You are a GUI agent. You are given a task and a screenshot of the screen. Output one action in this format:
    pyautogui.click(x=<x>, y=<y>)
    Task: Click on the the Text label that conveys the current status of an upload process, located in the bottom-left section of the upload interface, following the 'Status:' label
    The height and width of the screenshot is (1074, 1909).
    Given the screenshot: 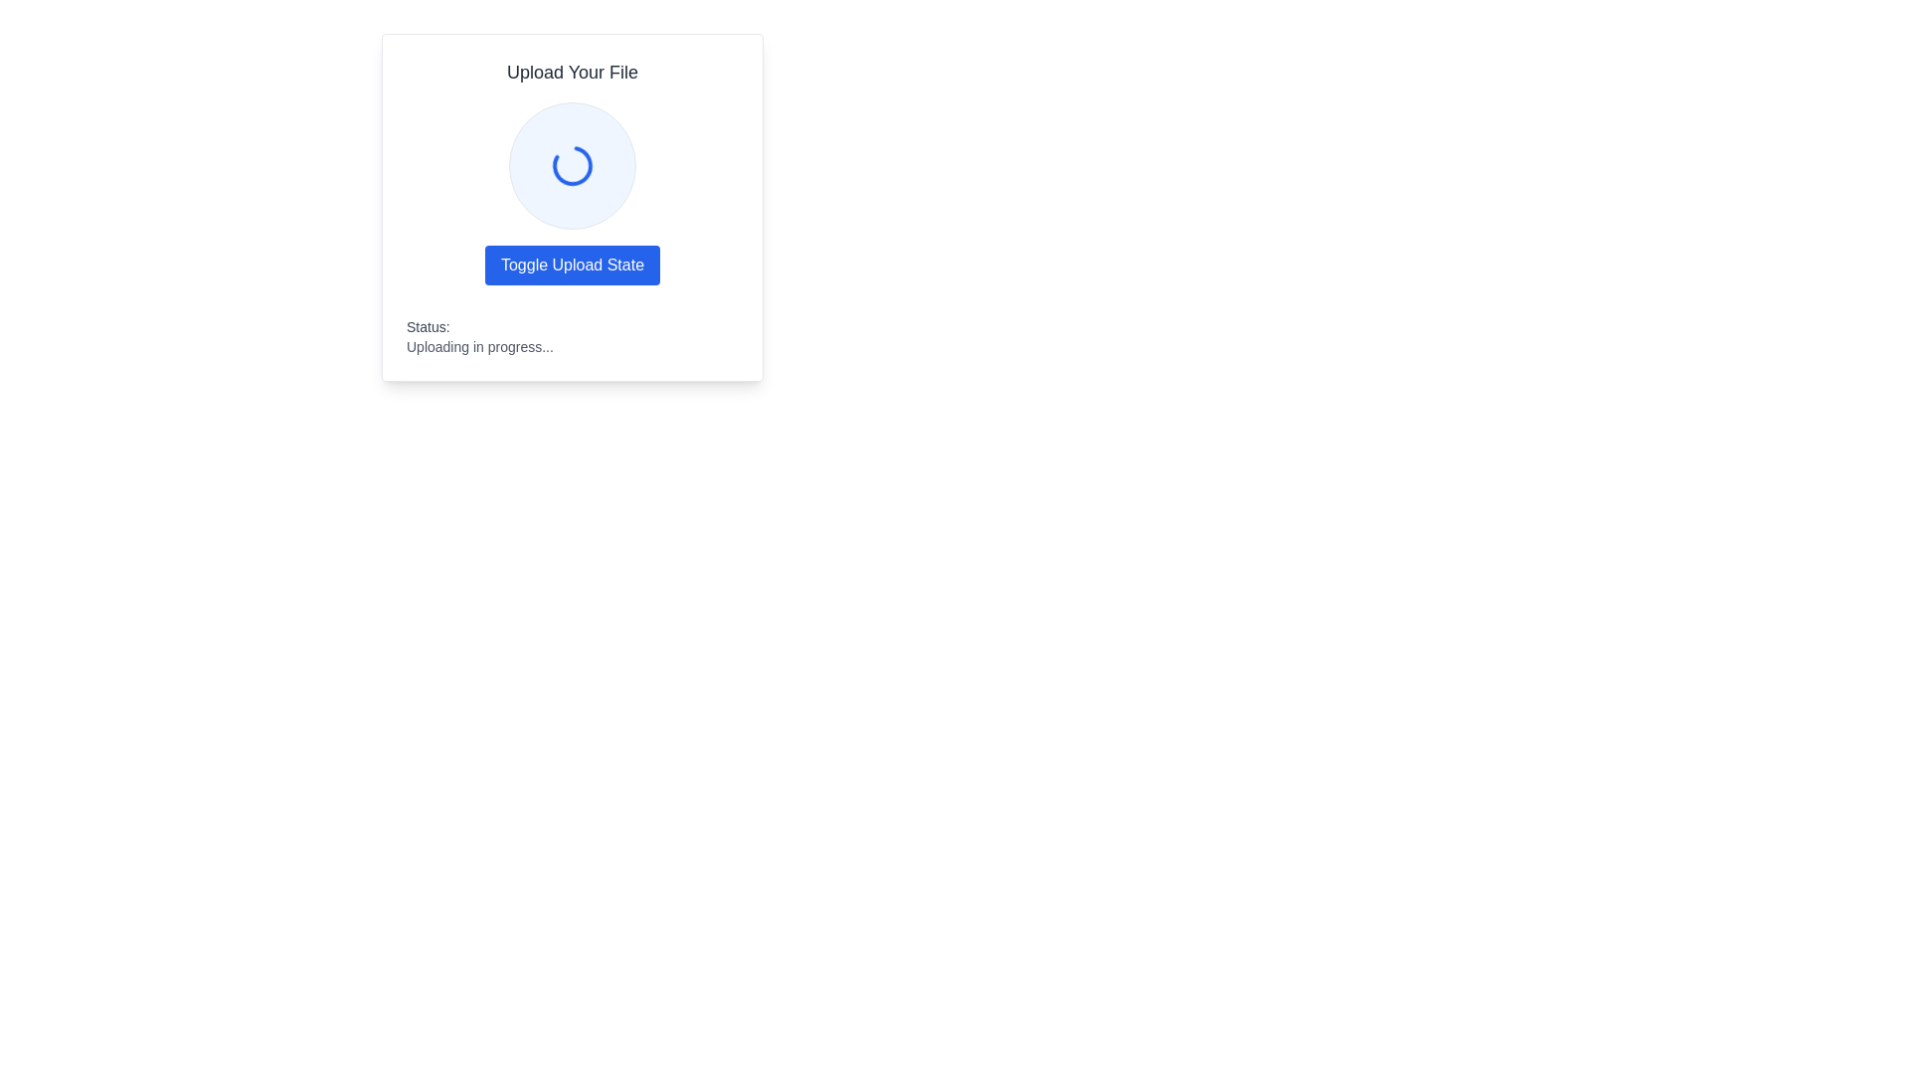 What is the action you would take?
    pyautogui.click(x=479, y=345)
    